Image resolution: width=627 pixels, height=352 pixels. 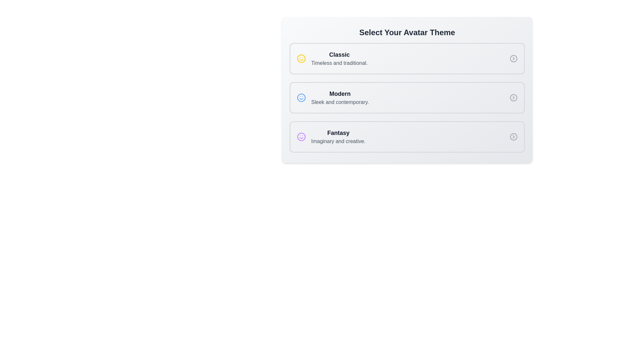 I want to click on the 'Classic' avatar theme title text label, which is positioned at the top-left of the avatar themes list, above the description 'Timeless and traditional.', so click(x=339, y=54).